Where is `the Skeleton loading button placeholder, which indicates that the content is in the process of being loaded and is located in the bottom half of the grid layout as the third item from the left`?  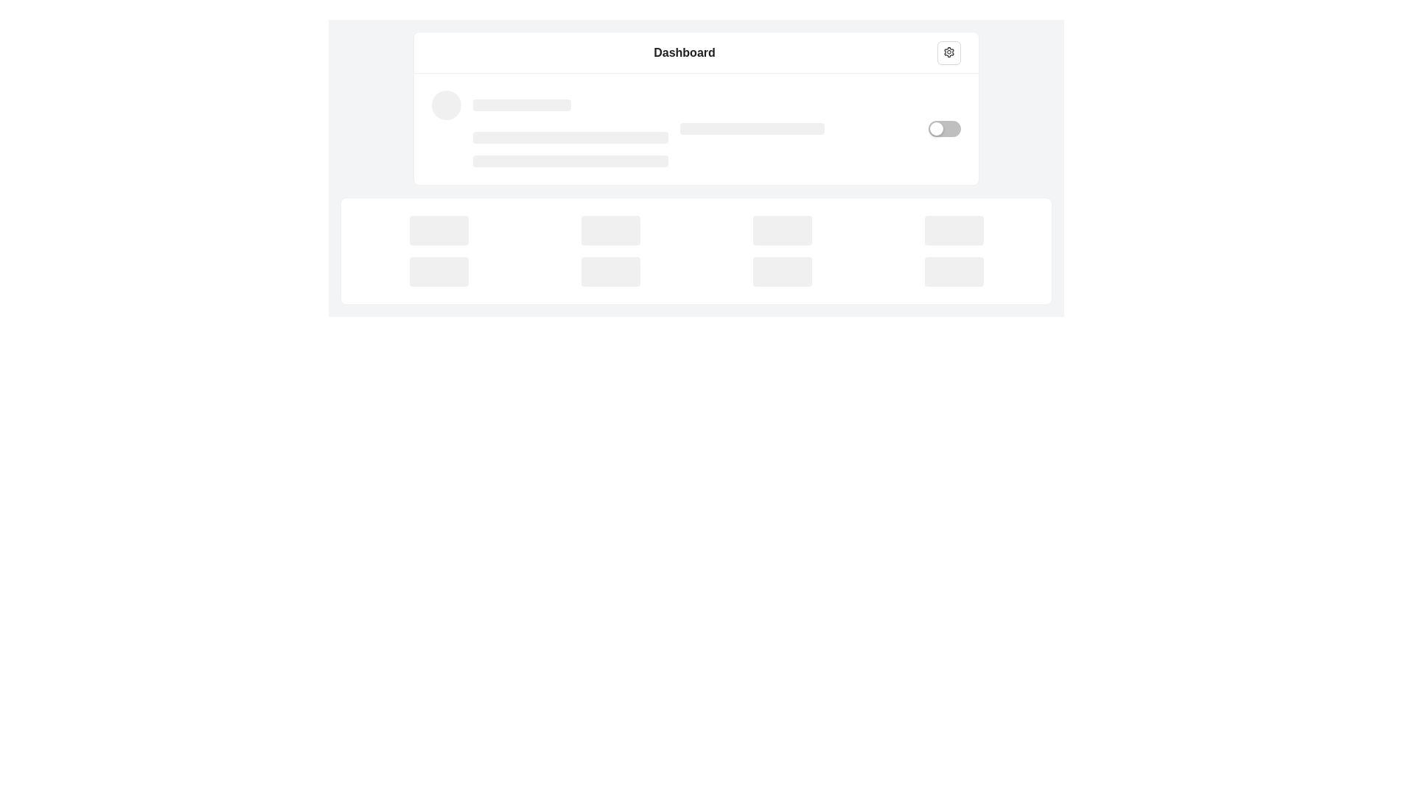
the Skeleton loading button placeholder, which indicates that the content is in the process of being loaded and is located in the bottom half of the grid layout as the third item from the left is located at coordinates (781, 230).